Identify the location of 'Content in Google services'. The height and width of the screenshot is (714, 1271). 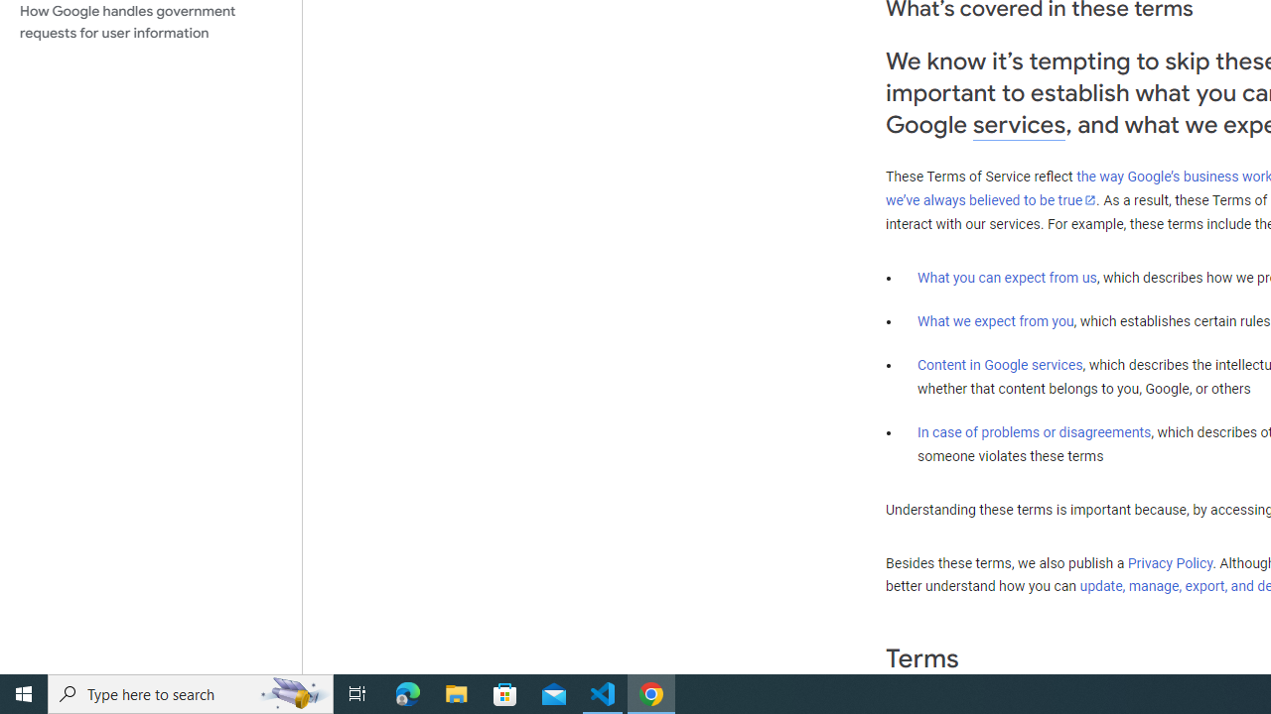
(1000, 365).